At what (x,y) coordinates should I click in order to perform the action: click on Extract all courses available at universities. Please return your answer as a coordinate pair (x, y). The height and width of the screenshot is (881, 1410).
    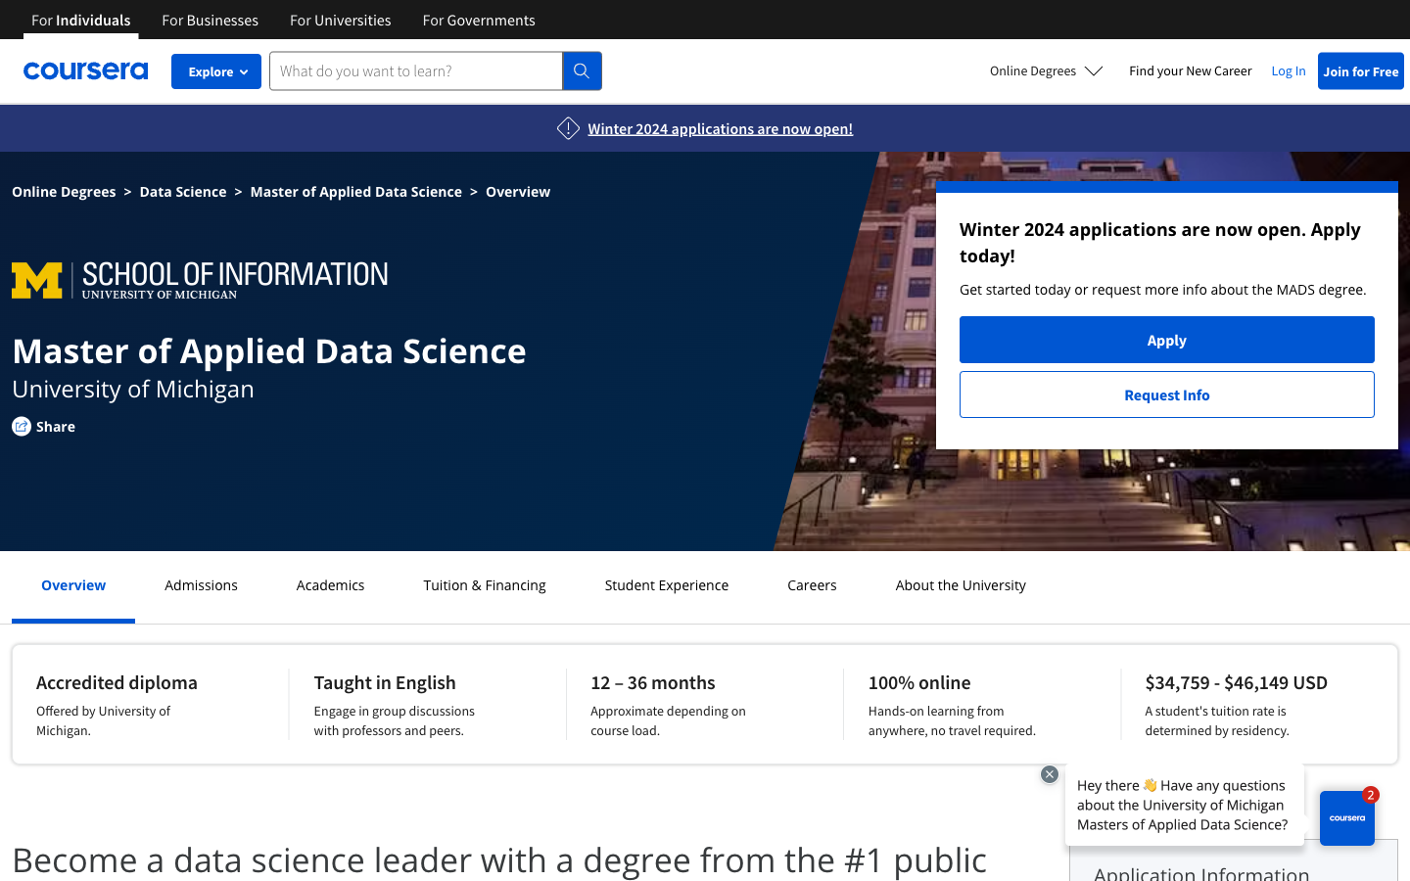
    Looking at the image, I should click on (340, 18).